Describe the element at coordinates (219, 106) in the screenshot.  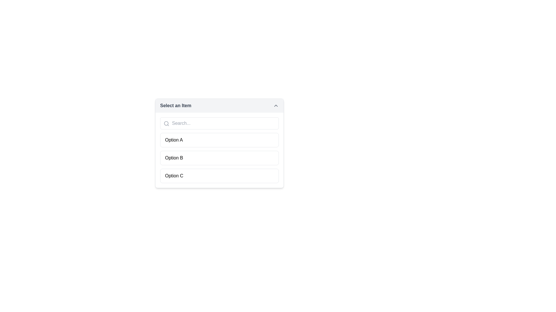
I see `the dropdown trigger labeled 'Select an Item'` at that location.